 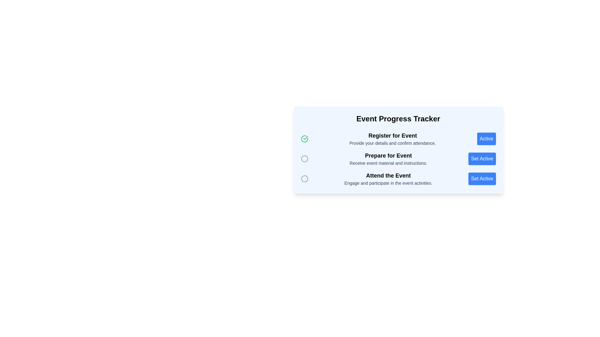 I want to click on the label that serves as the third step in the 'Event Progress Tracker', positioned below 'Prepare for Event' and above the description 'Engage and participate in the event activities', so click(x=388, y=176).